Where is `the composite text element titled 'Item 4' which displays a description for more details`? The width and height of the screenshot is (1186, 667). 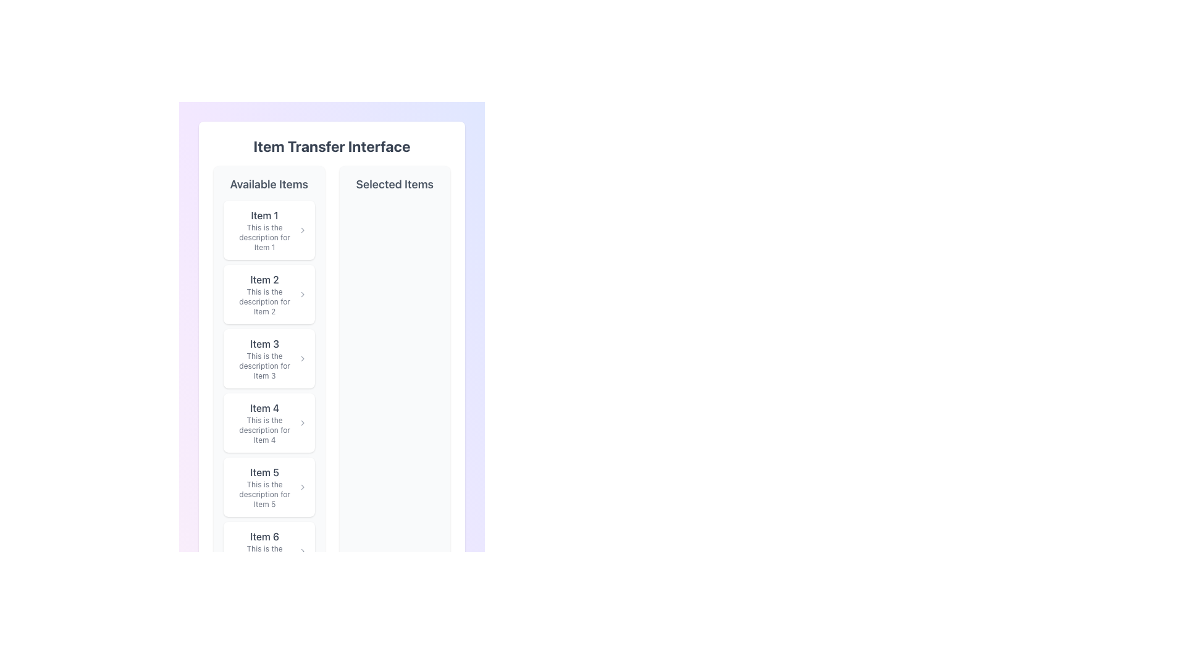 the composite text element titled 'Item 4' which displays a description for more details is located at coordinates (264, 422).